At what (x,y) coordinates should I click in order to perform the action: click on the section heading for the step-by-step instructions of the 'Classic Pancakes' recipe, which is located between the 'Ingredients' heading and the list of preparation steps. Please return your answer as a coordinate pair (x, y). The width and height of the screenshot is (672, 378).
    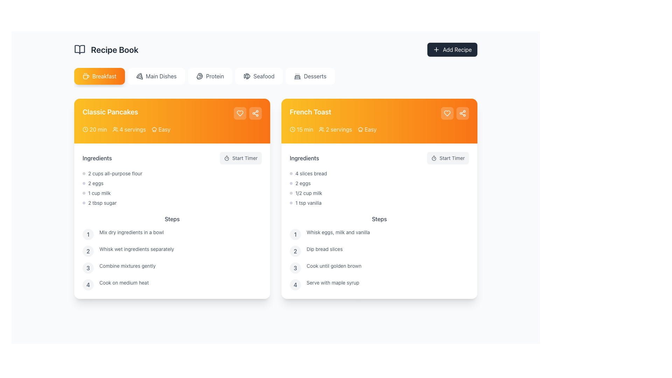
    Looking at the image, I should click on (172, 218).